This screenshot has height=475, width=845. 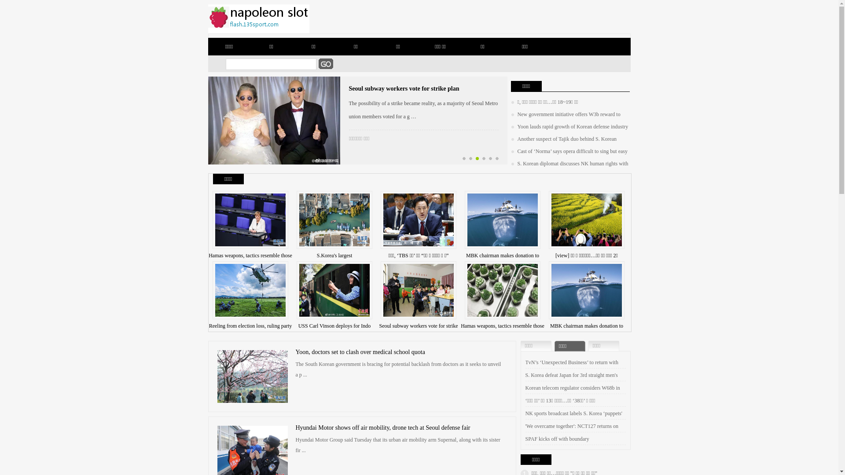 What do you see at coordinates (557, 439) in the screenshot?
I see `'SPAF kicks off with boundary'` at bounding box center [557, 439].